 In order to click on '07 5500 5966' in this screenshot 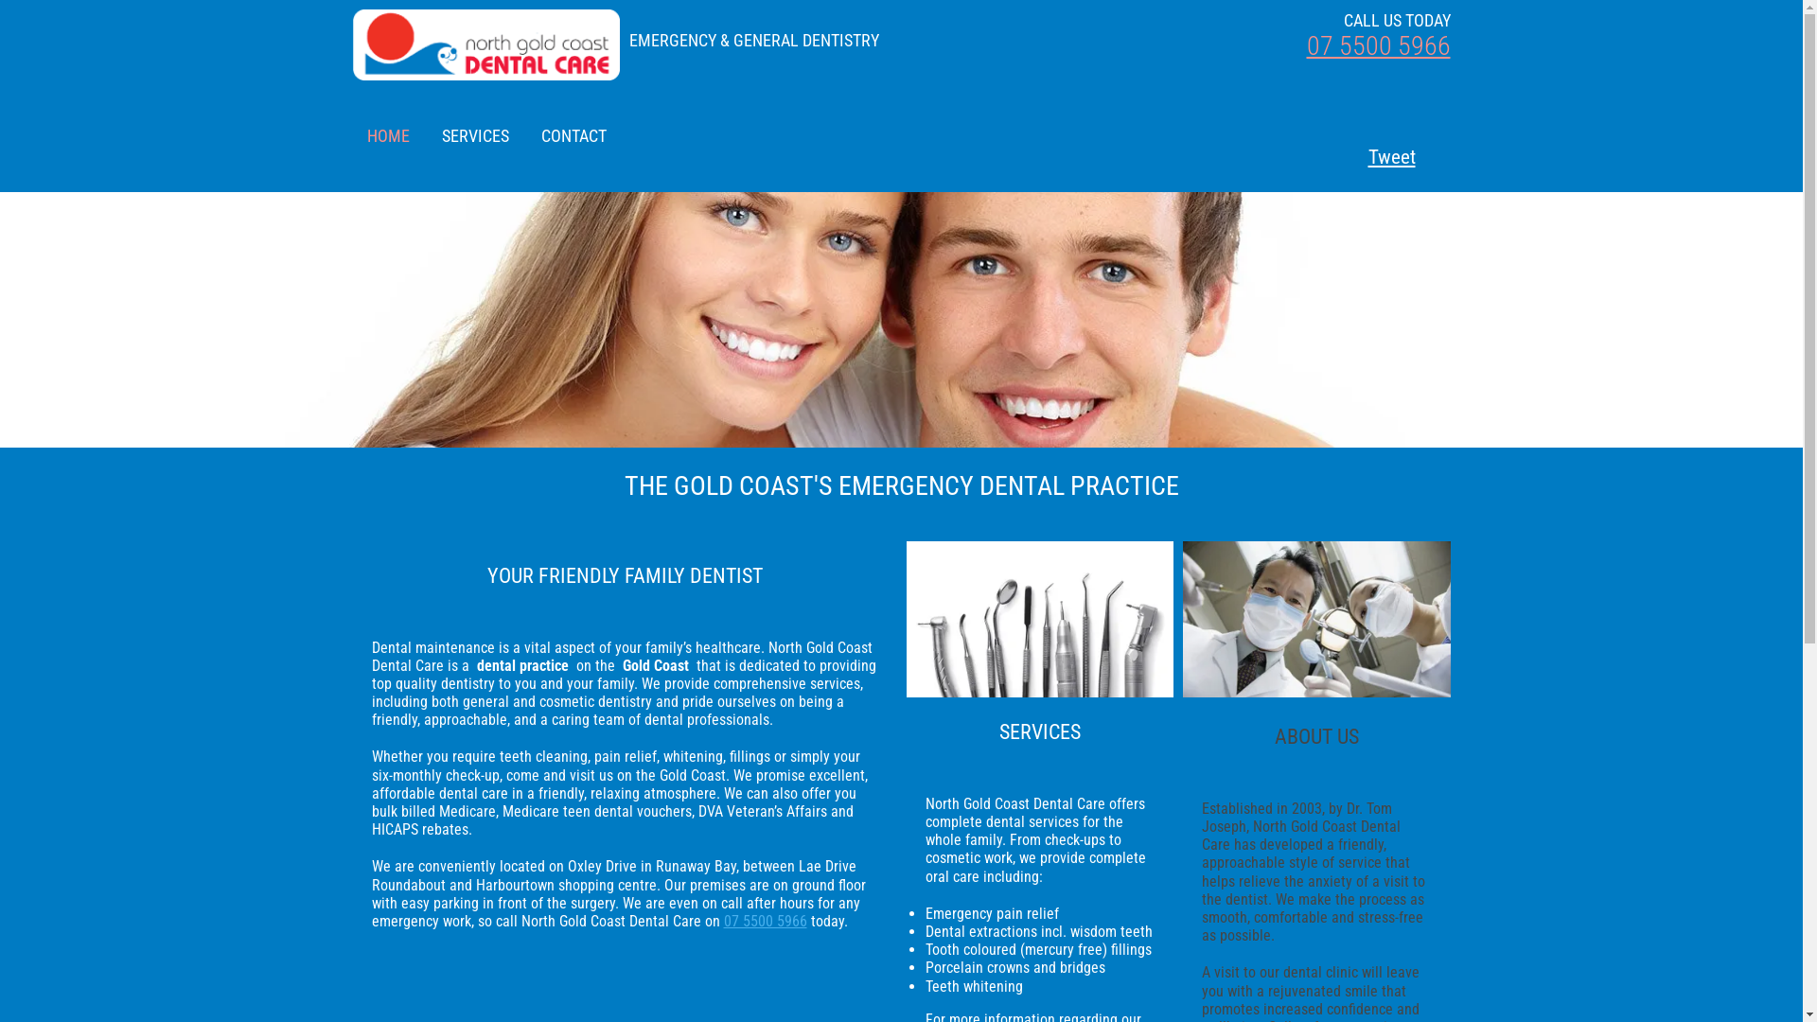, I will do `click(764, 920)`.